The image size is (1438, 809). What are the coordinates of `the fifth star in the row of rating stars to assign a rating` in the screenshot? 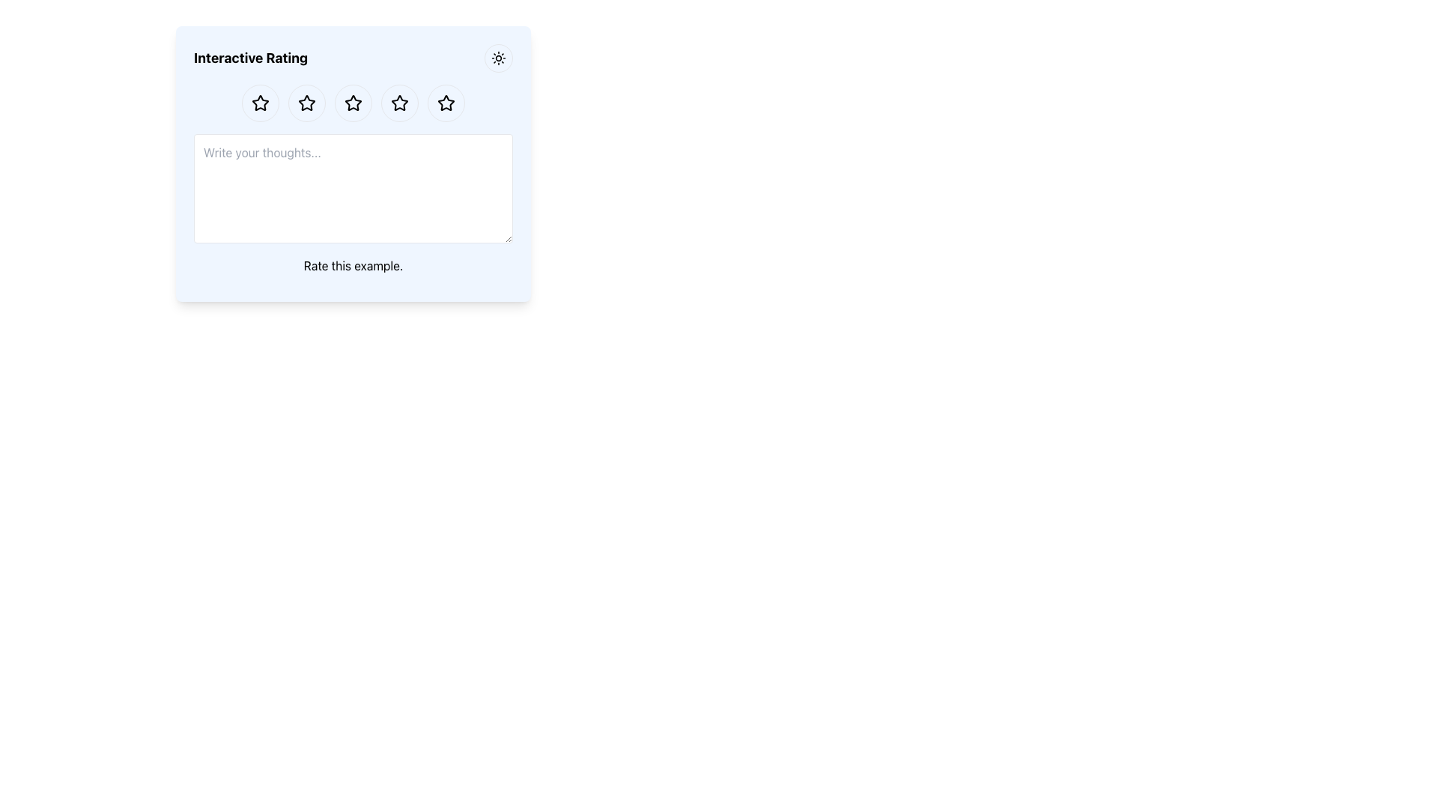 It's located at (445, 103).